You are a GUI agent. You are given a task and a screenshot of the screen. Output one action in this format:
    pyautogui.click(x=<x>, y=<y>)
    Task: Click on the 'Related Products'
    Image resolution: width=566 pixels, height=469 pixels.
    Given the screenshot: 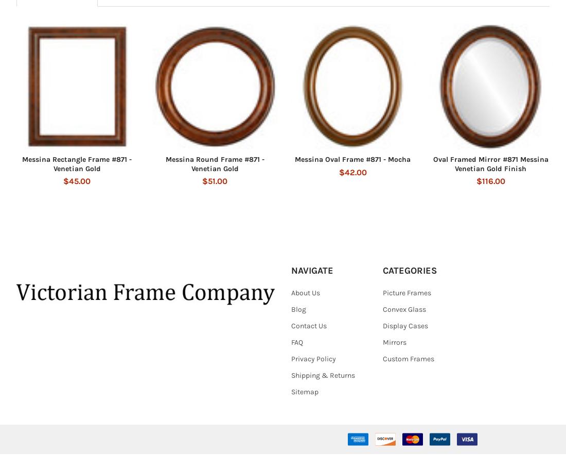 What is the action you would take?
    pyautogui.click(x=57, y=9)
    